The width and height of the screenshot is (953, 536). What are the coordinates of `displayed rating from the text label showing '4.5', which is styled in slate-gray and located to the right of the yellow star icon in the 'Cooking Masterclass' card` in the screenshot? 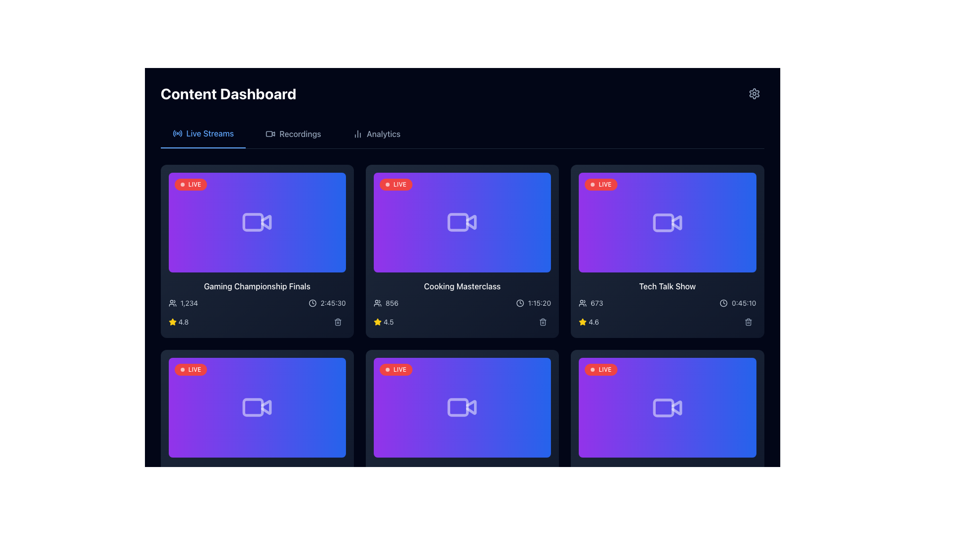 It's located at (388, 322).